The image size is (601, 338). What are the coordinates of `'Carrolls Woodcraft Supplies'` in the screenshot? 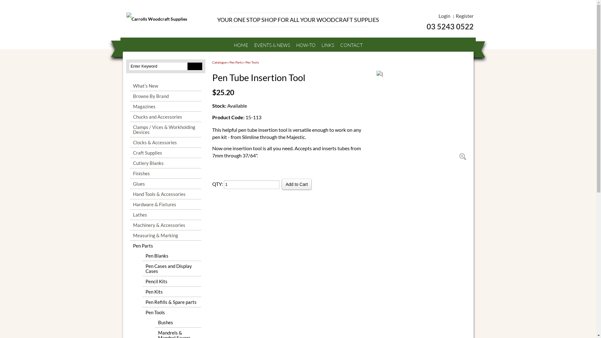 It's located at (167, 19).